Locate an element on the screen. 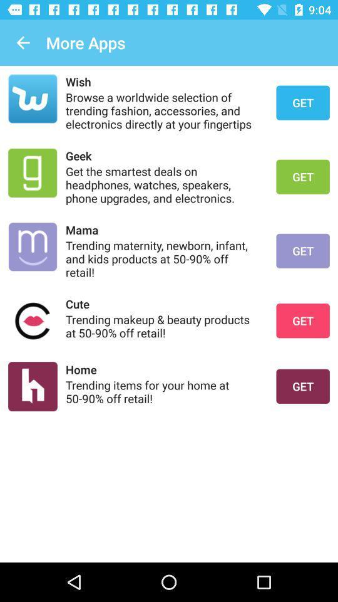  icon to the left of get icon is located at coordinates (163, 81).